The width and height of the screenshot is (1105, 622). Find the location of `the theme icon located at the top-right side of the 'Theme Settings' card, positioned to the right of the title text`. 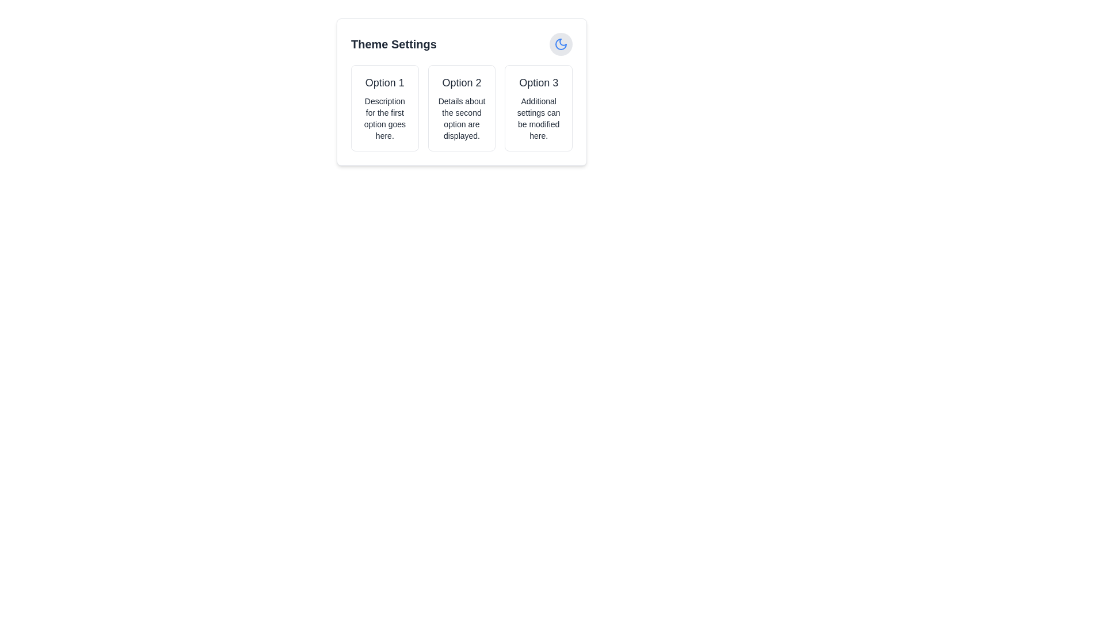

the theme icon located at the top-right side of the 'Theme Settings' card, positioned to the right of the title text is located at coordinates (561, 44).